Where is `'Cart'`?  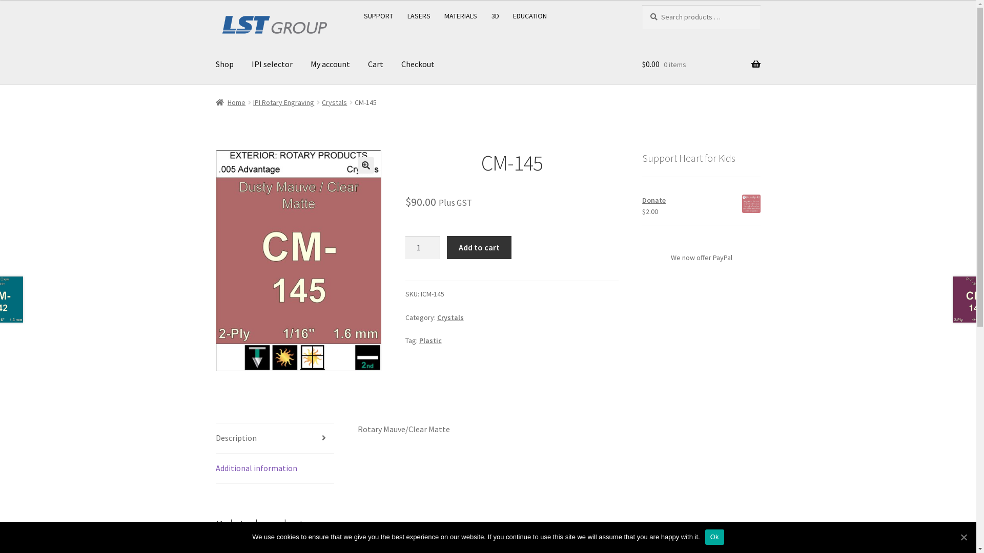
'Cart' is located at coordinates (375, 65).